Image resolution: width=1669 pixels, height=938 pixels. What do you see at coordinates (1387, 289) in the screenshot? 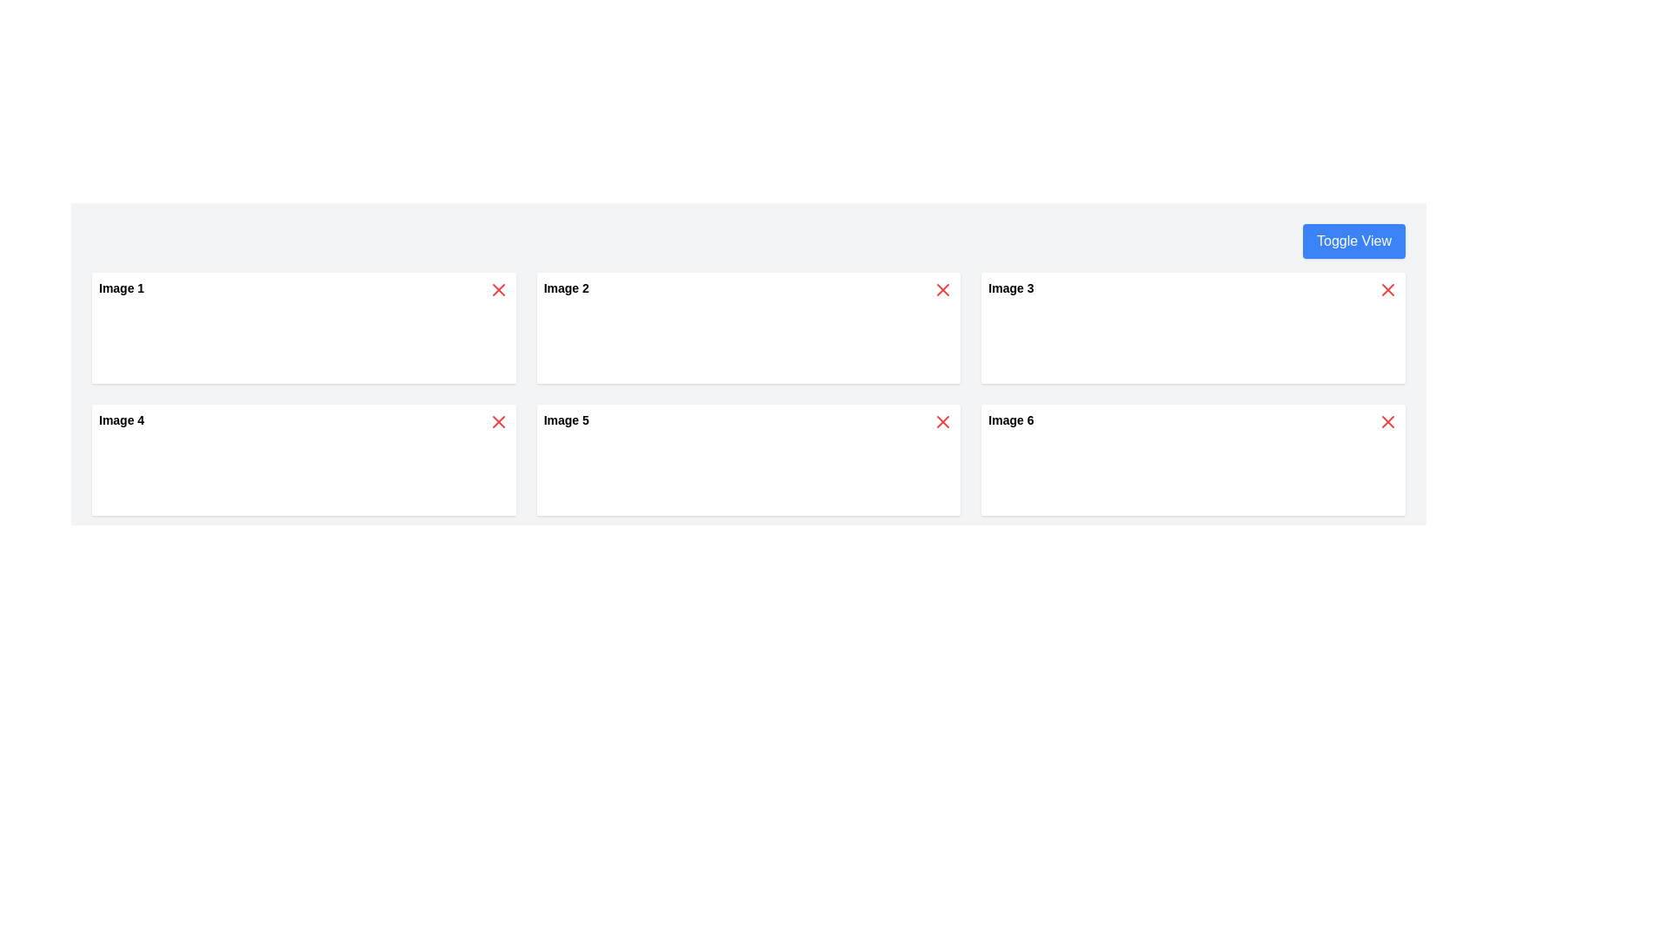
I see `the small red 'X' icon button located at the top-right corner of the card labeled 'Image 3'` at bounding box center [1387, 289].